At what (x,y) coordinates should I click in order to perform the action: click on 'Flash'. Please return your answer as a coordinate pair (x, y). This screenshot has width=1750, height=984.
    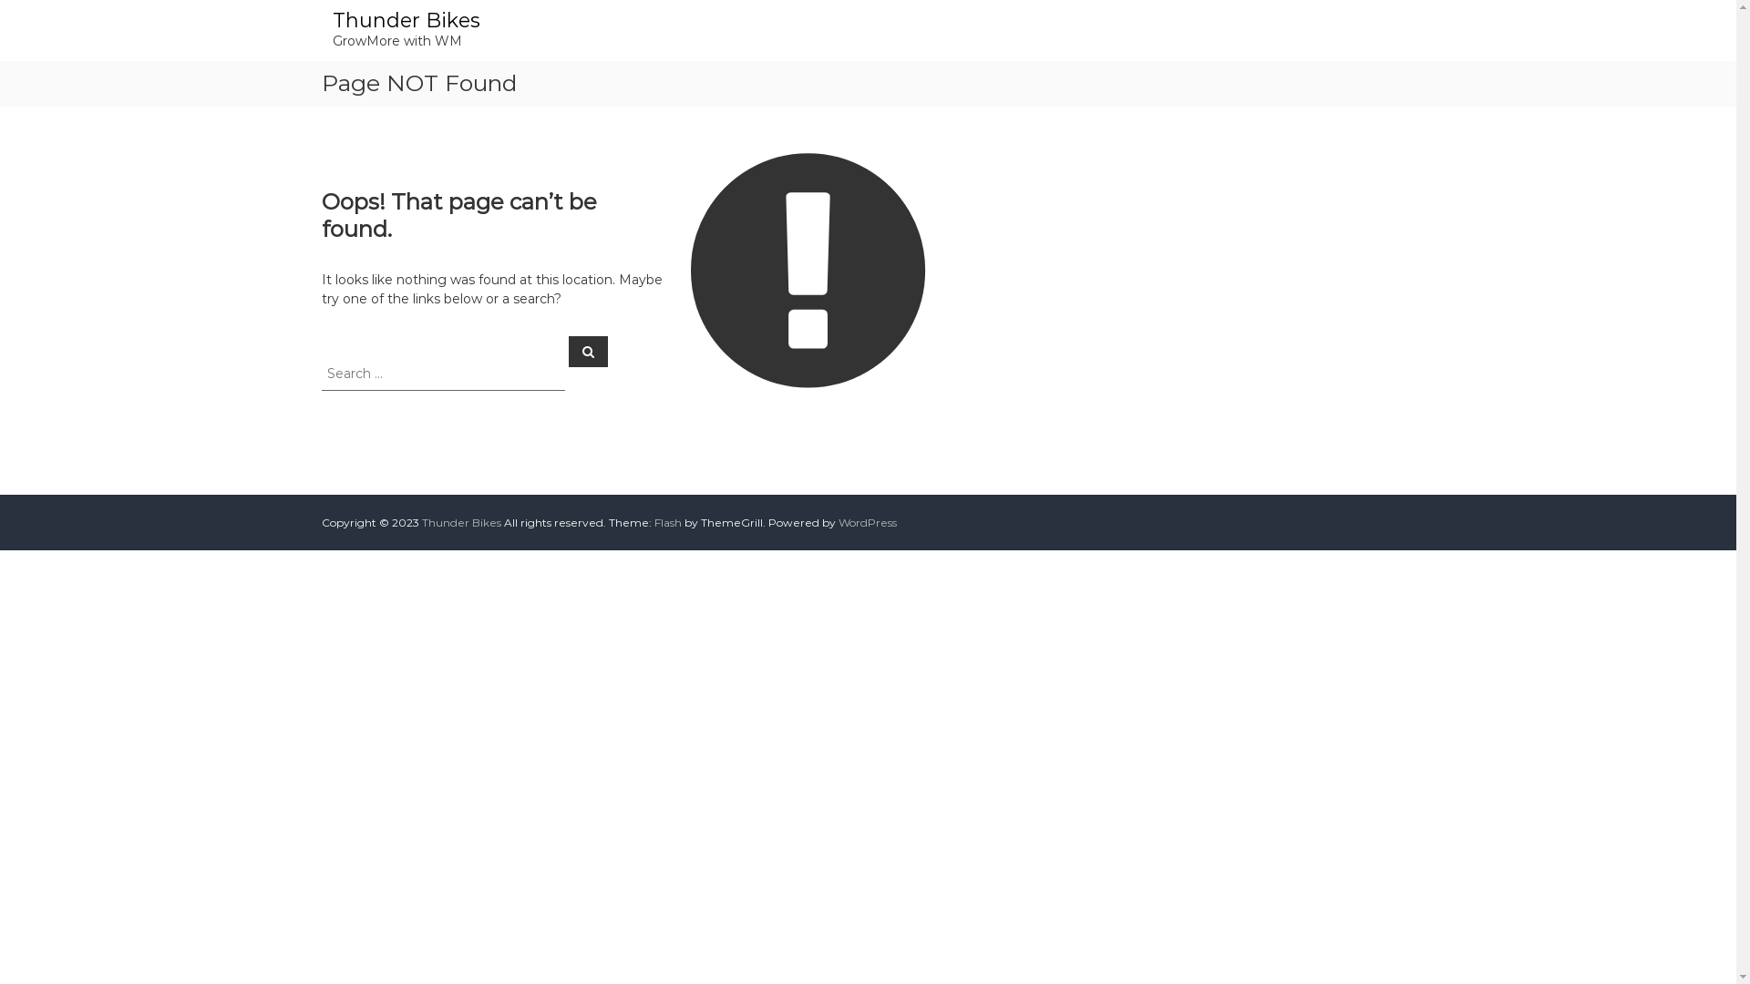
    Looking at the image, I should click on (654, 522).